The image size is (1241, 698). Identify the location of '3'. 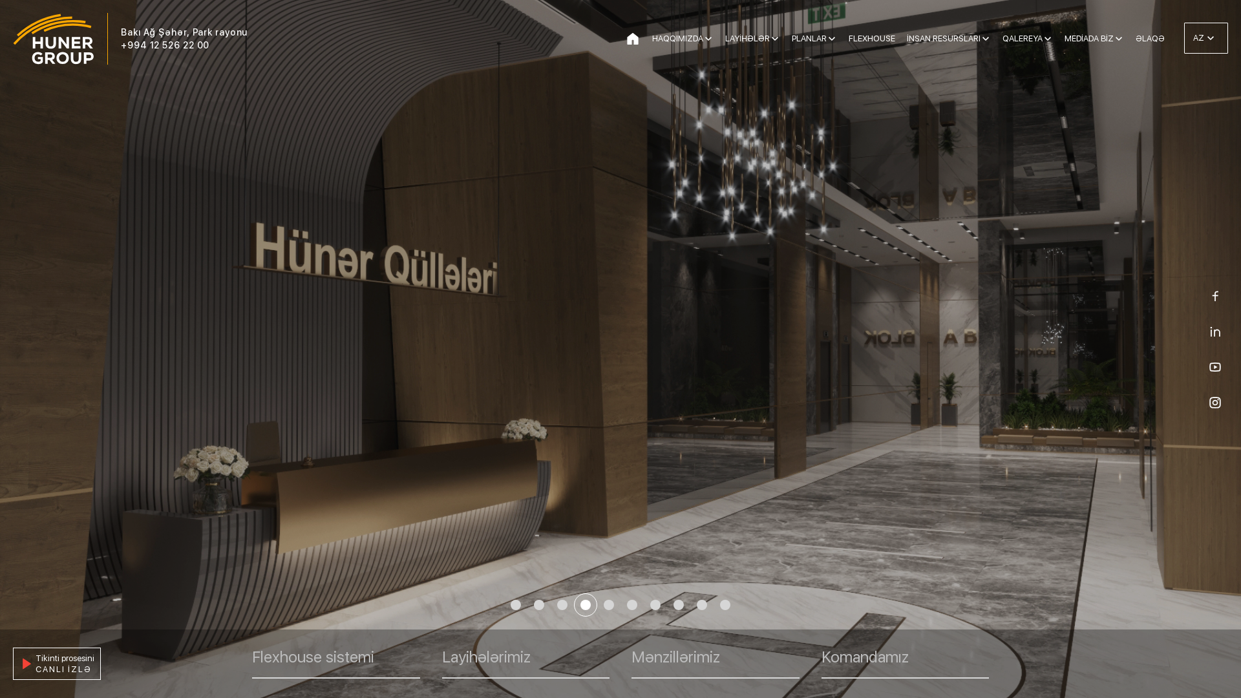
(550, 605).